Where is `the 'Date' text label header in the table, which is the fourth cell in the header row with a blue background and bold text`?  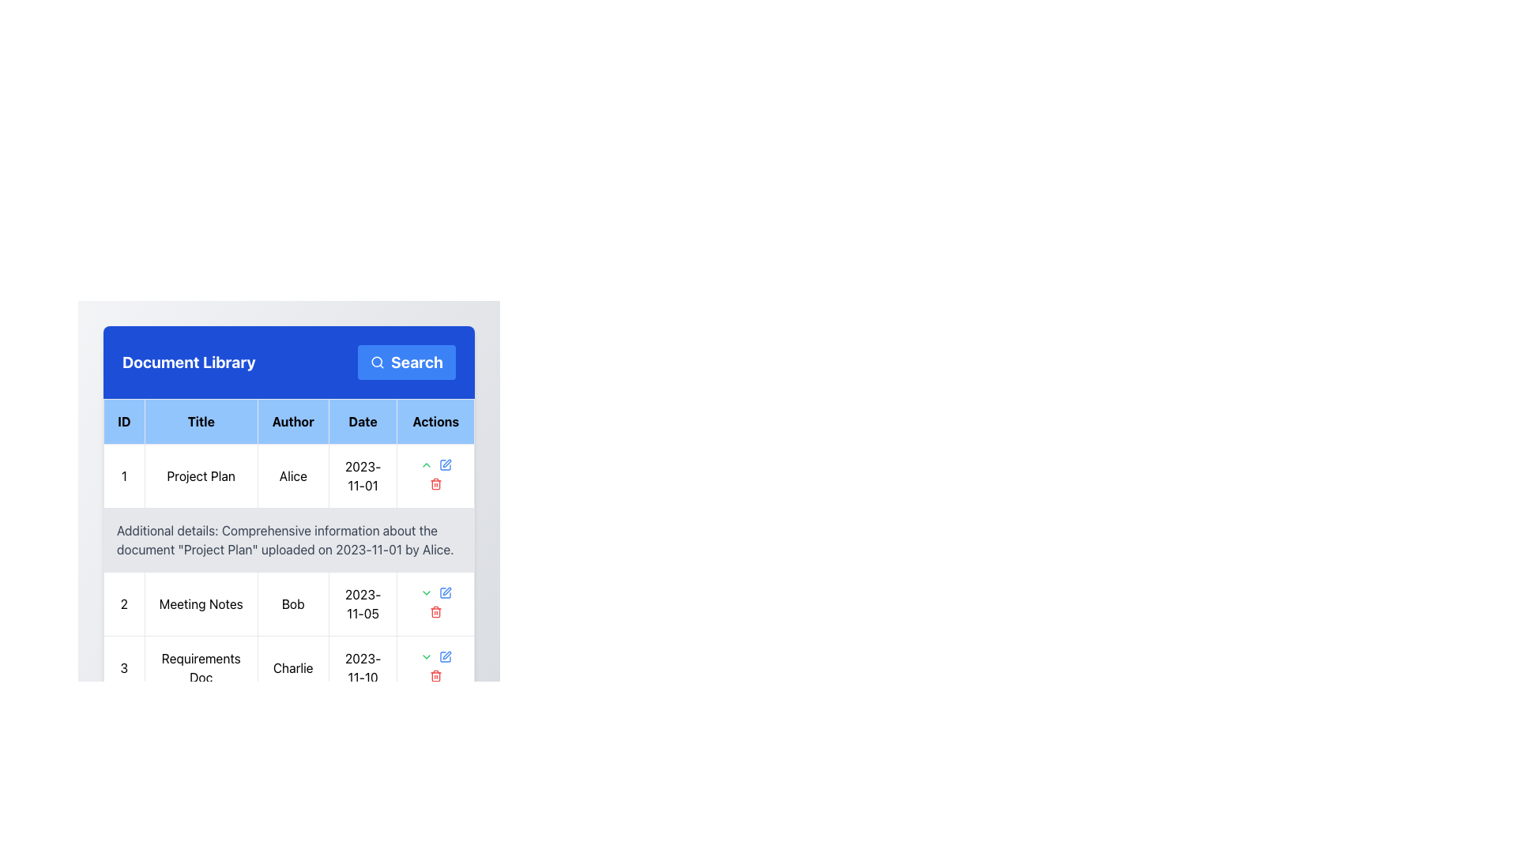
the 'Date' text label header in the table, which is the fourth cell in the header row with a blue background and bold text is located at coordinates (362, 420).